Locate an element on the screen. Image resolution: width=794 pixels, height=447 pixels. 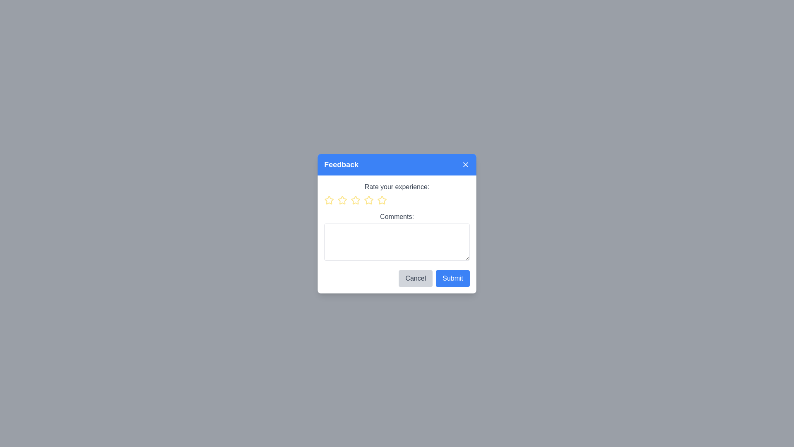
the central star icon in the rating system to trigger the tooltip or visual highlight is located at coordinates (368, 200).